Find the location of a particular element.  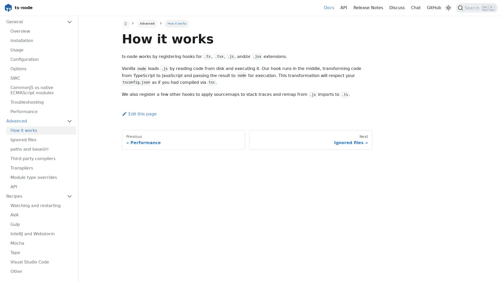

Search is located at coordinates (477, 8).